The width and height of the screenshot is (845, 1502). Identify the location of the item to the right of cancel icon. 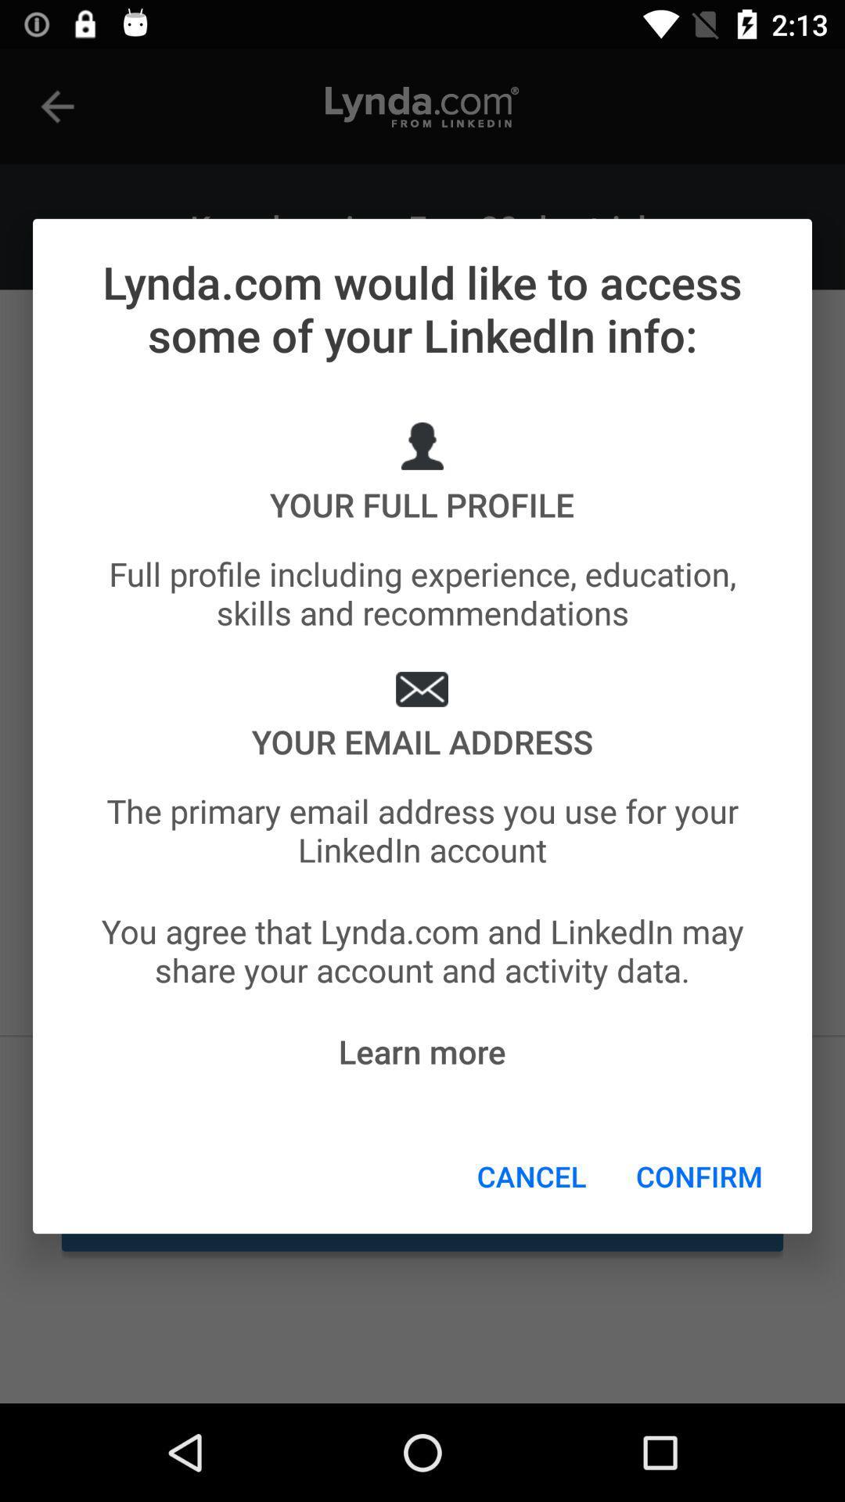
(699, 1176).